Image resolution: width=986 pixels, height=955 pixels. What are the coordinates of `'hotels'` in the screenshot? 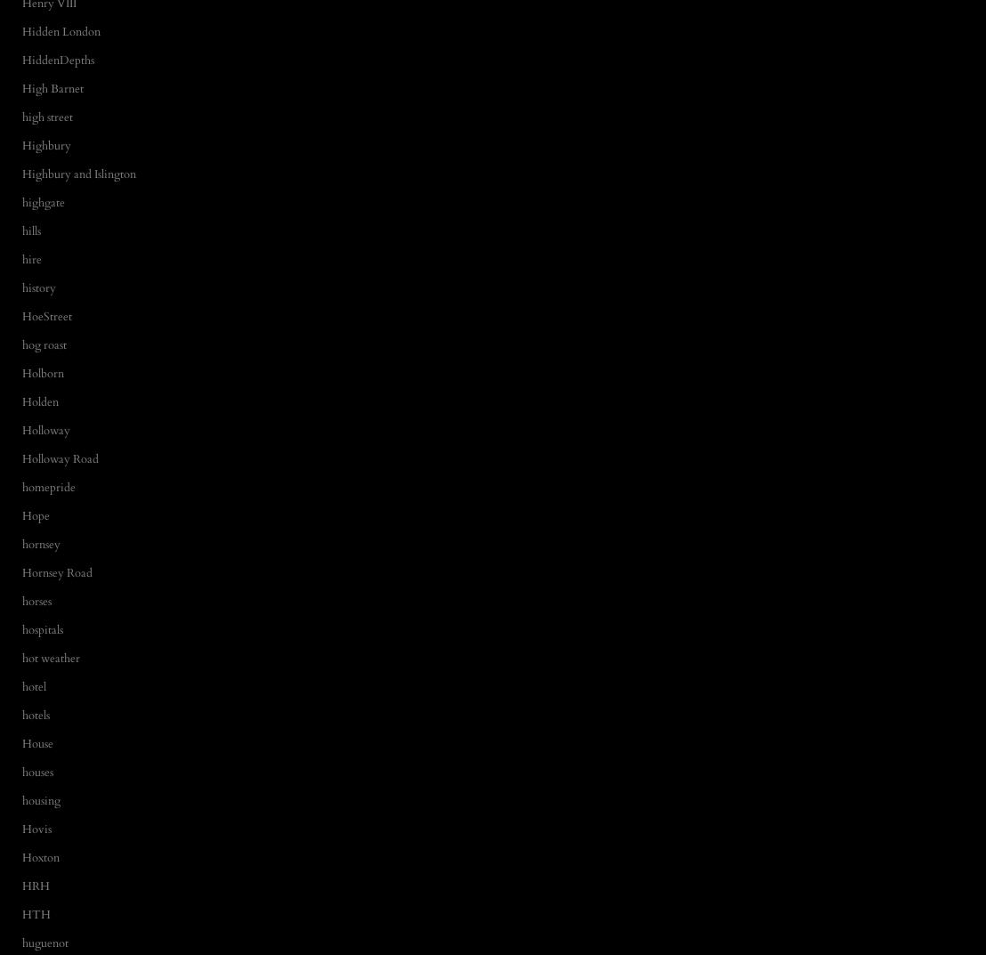 It's located at (36, 715).